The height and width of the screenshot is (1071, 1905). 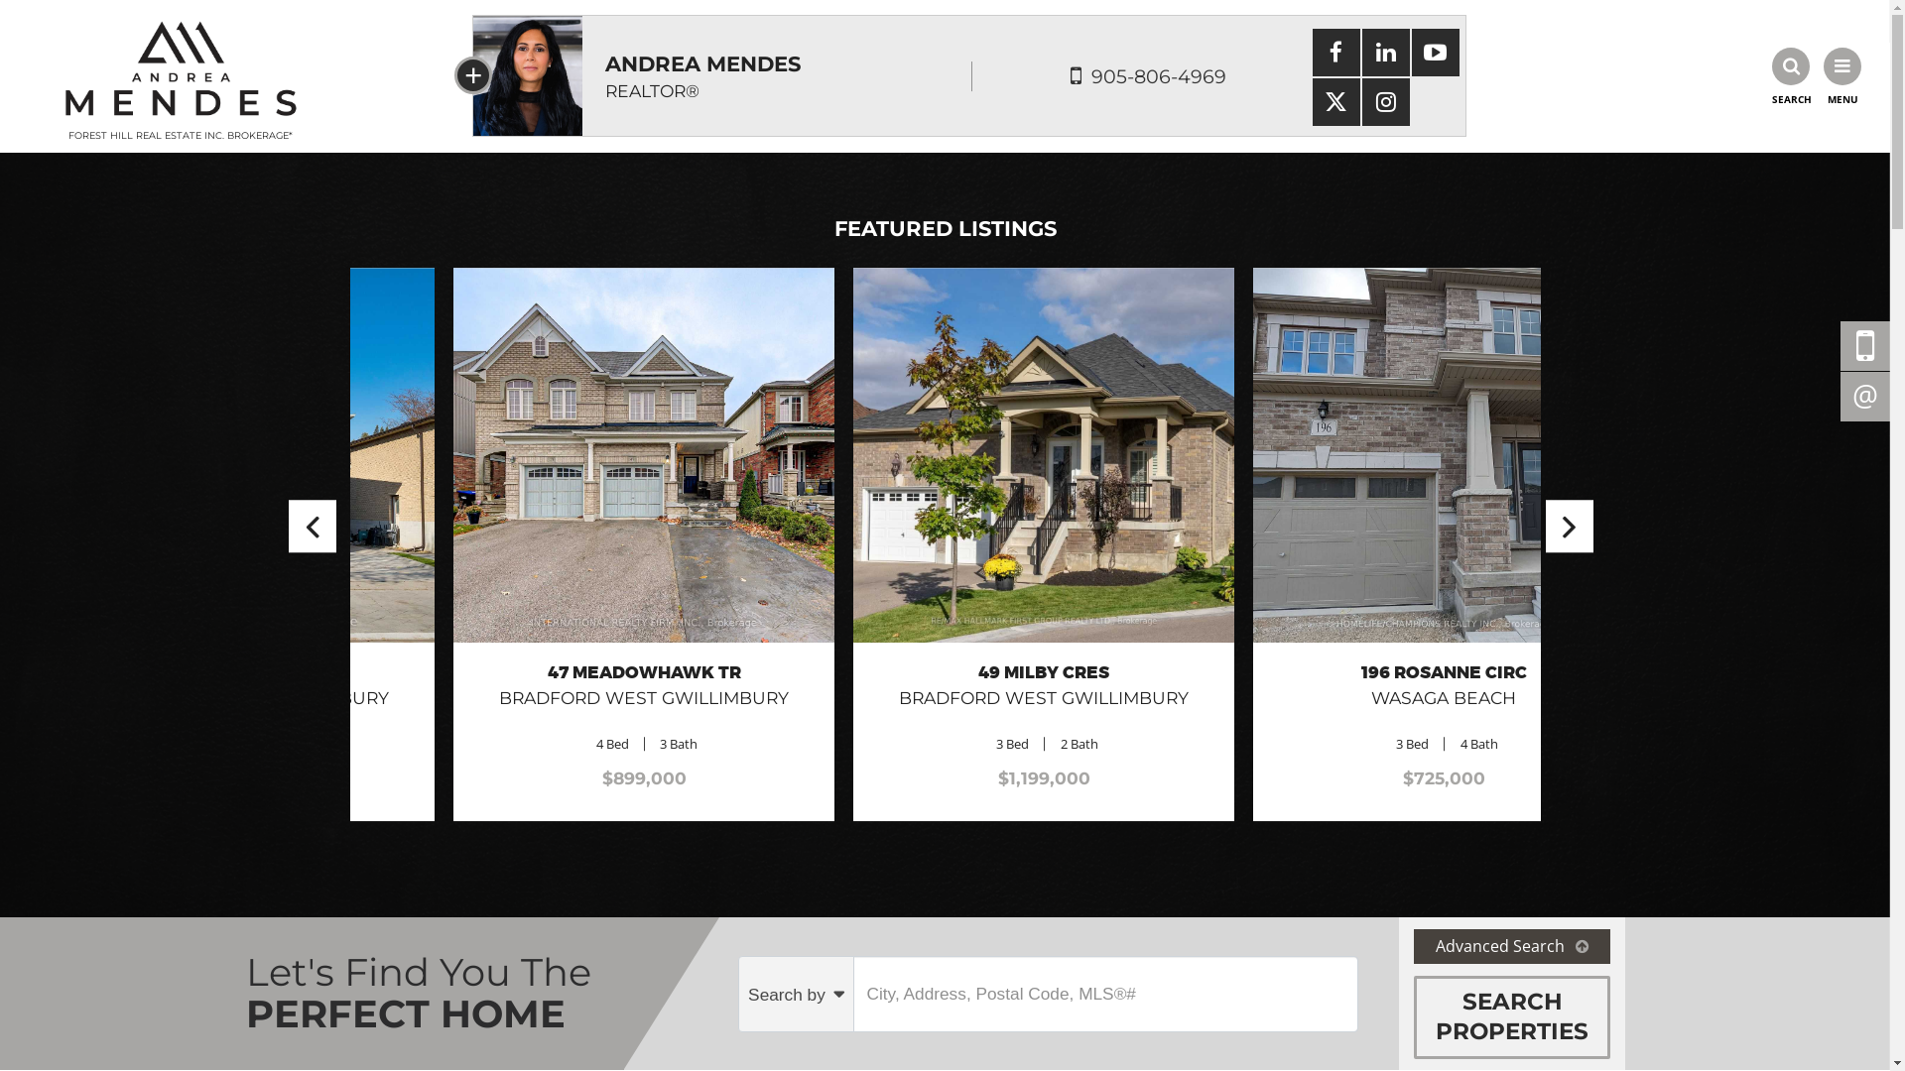 What do you see at coordinates (471, 74) in the screenshot?
I see `'+'` at bounding box center [471, 74].